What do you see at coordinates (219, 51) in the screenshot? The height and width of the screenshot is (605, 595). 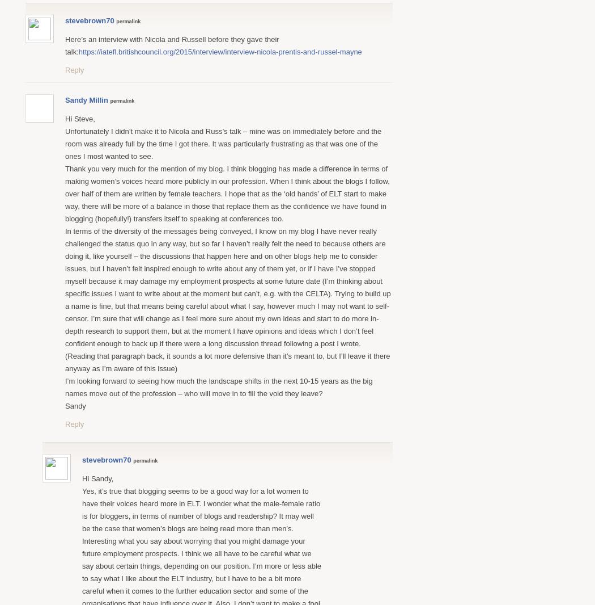 I see `'https://iatefl.britishcouncil.org/2015/interview/interview-nicola-prentis-and-russel-mayne'` at bounding box center [219, 51].